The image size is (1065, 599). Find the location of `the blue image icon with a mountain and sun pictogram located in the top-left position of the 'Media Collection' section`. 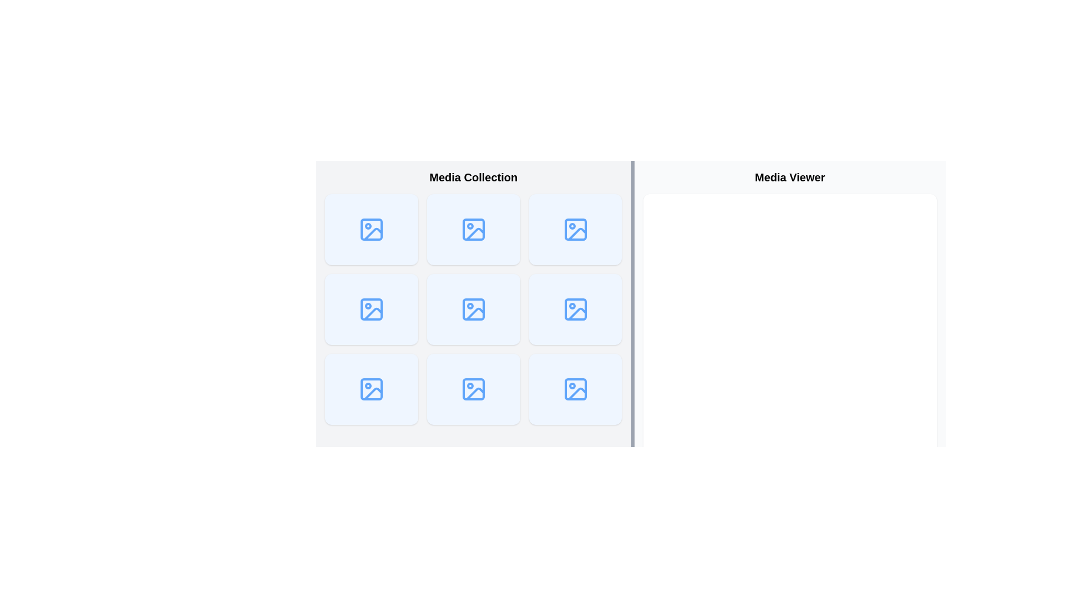

the blue image icon with a mountain and sun pictogram located in the top-left position of the 'Media Collection' section is located at coordinates (371, 229).